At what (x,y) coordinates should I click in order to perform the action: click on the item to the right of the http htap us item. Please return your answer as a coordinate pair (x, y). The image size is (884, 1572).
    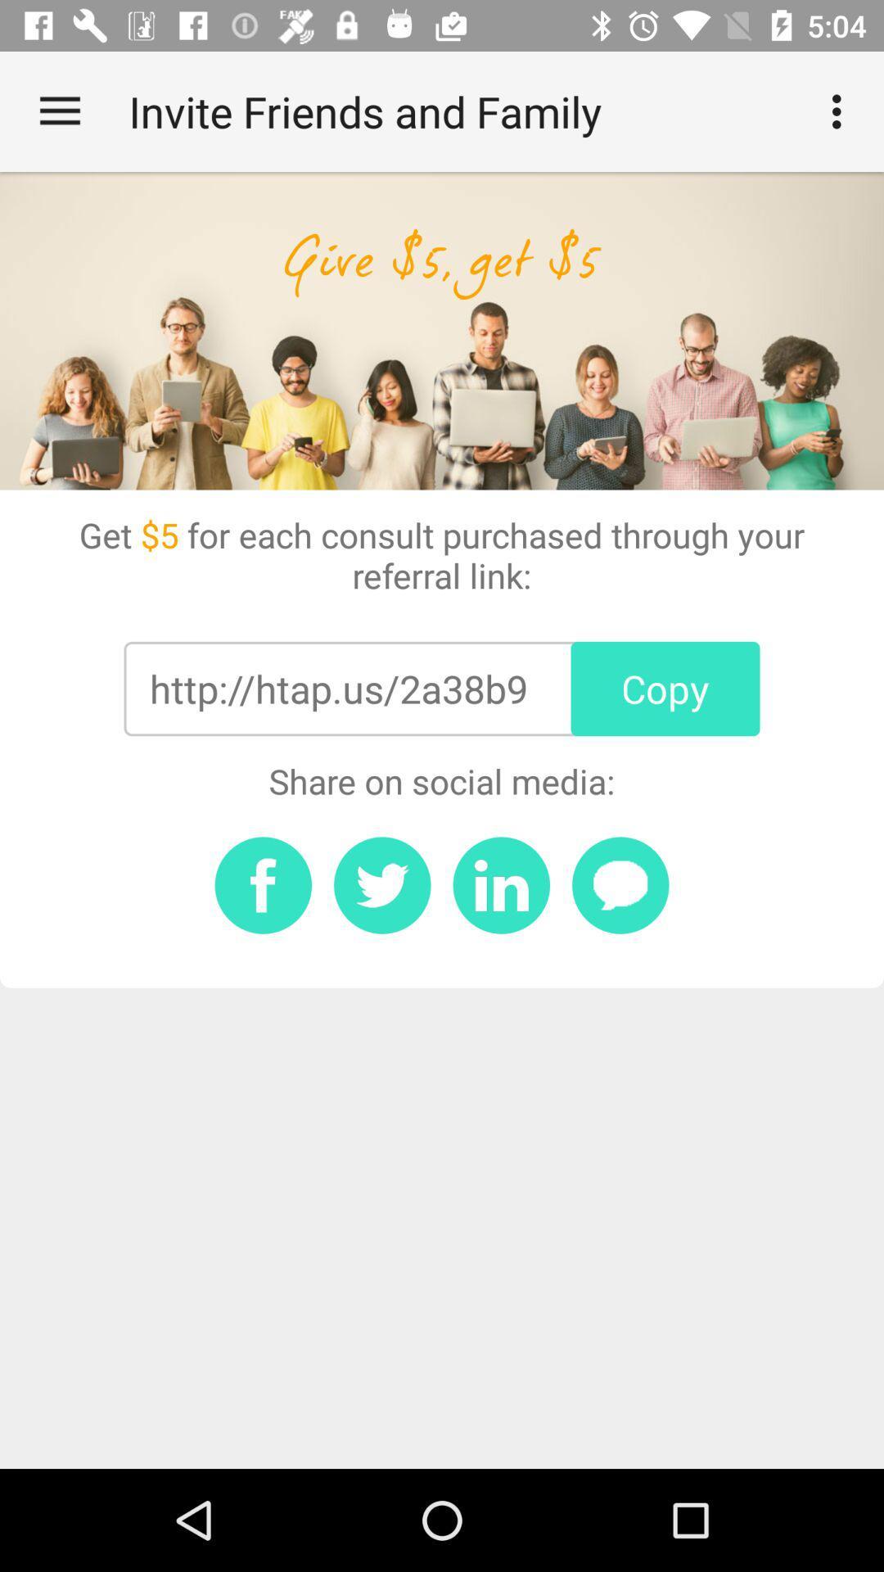
    Looking at the image, I should click on (665, 689).